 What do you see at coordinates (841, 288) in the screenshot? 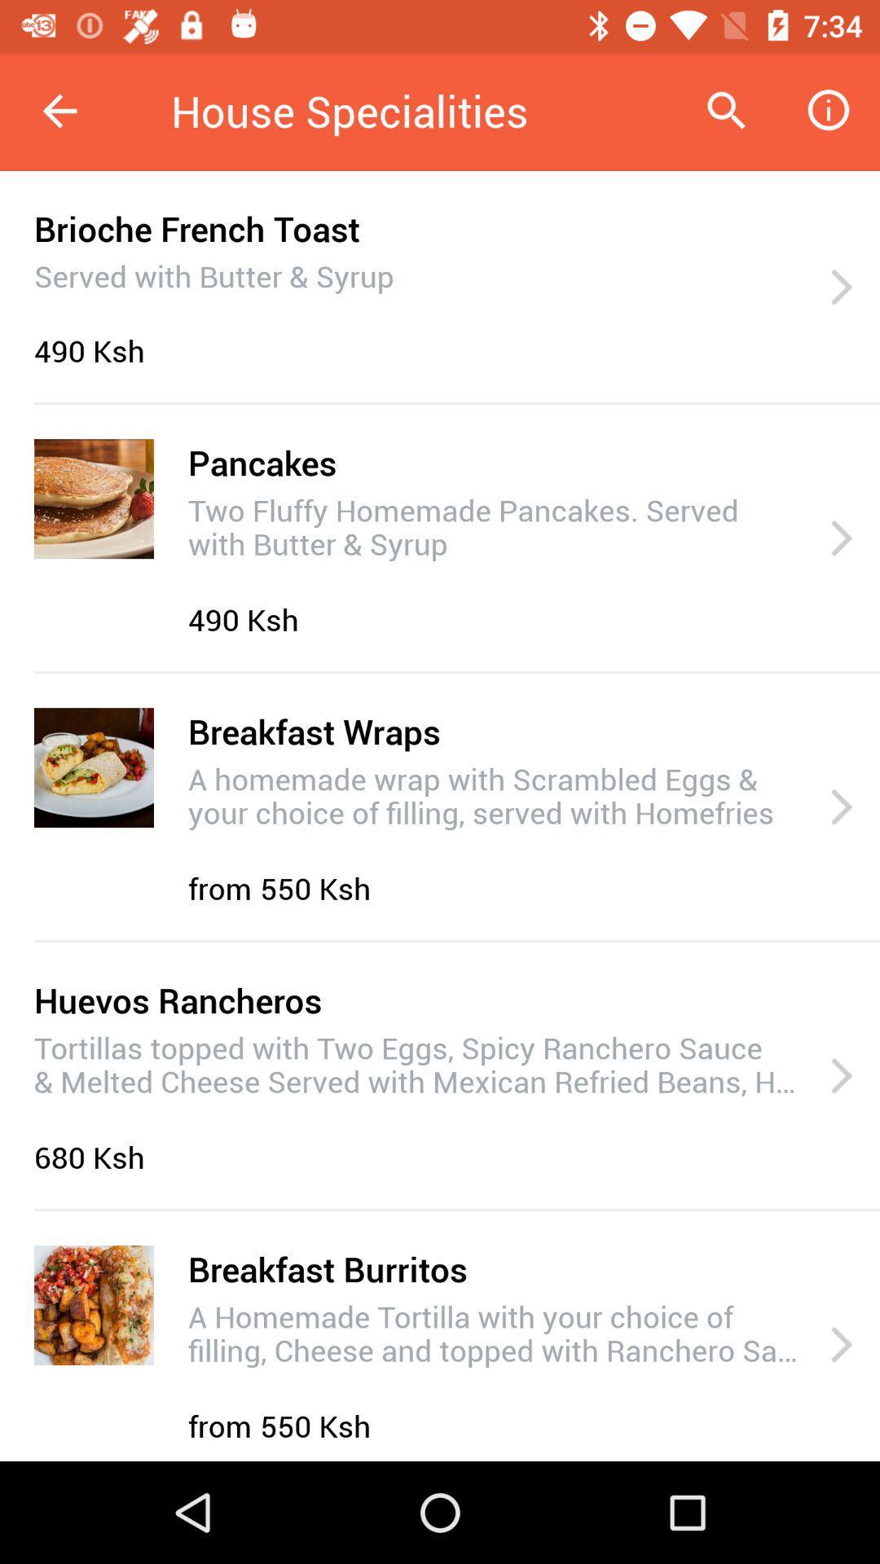
I see `item to the right of served with butter icon` at bounding box center [841, 288].